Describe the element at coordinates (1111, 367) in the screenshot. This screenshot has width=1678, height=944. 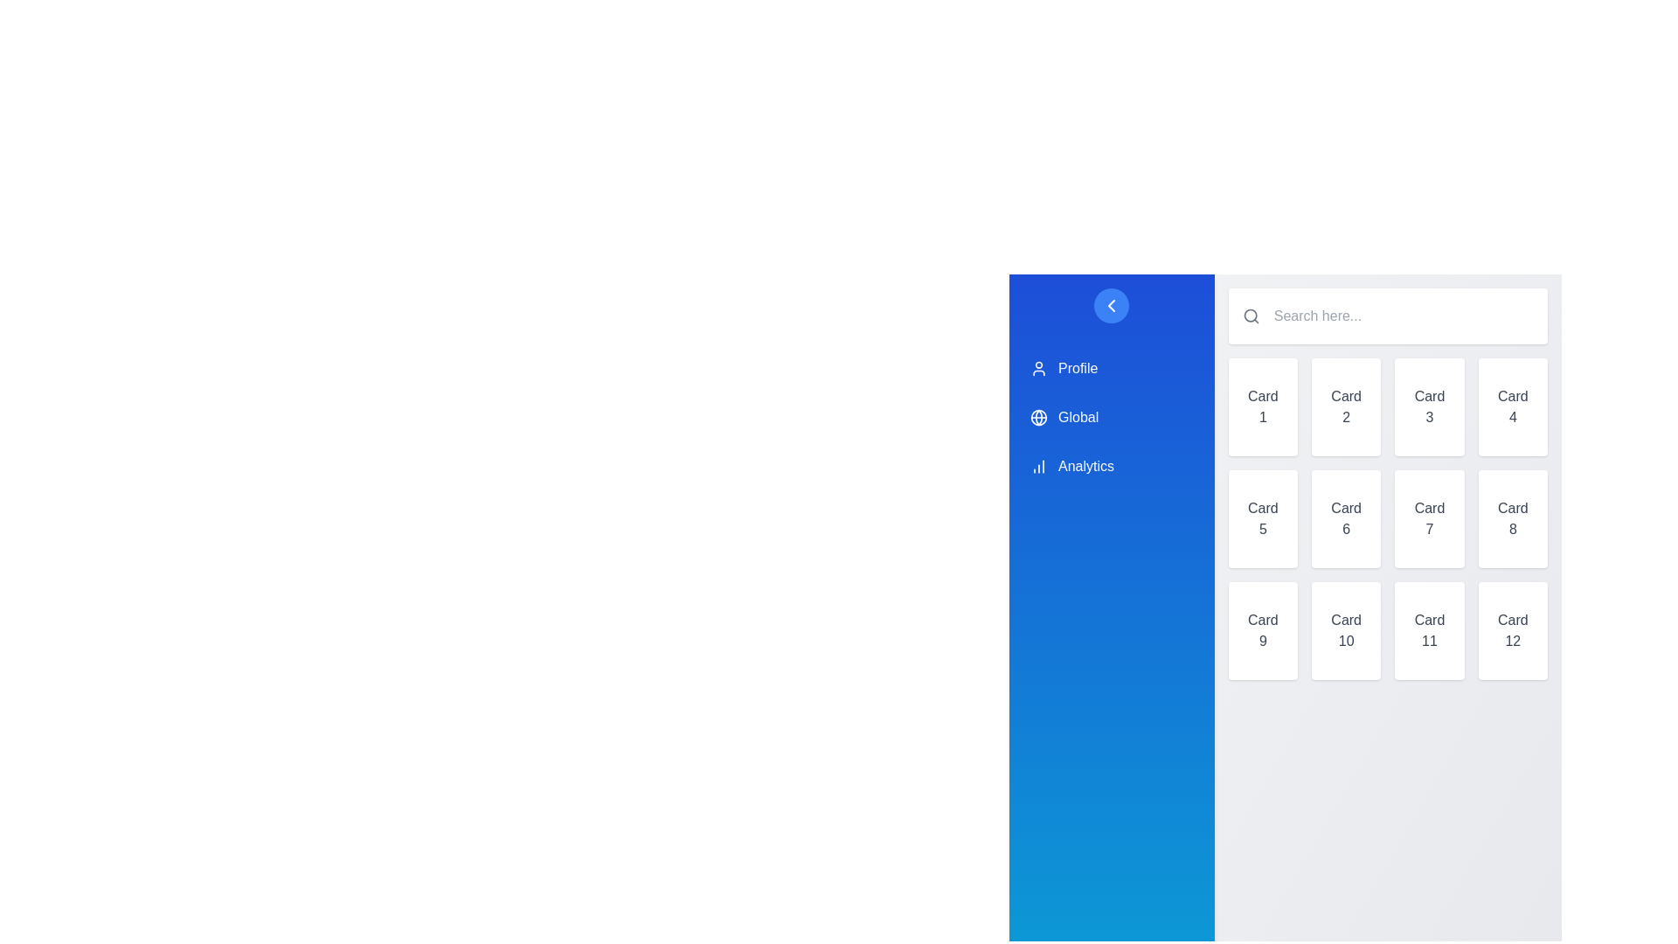
I see `the navigation menu item labeled Profile` at that location.